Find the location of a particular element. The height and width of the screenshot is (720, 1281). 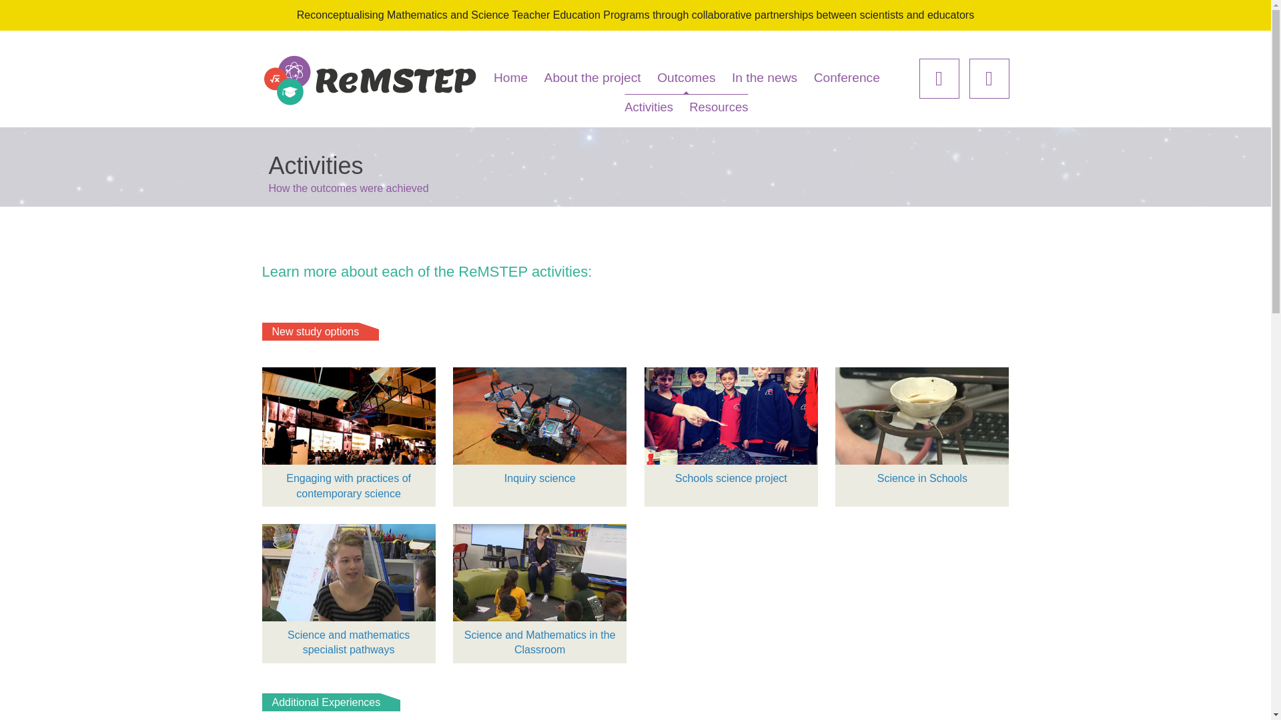

'Inquiry science' is located at coordinates (540, 429).